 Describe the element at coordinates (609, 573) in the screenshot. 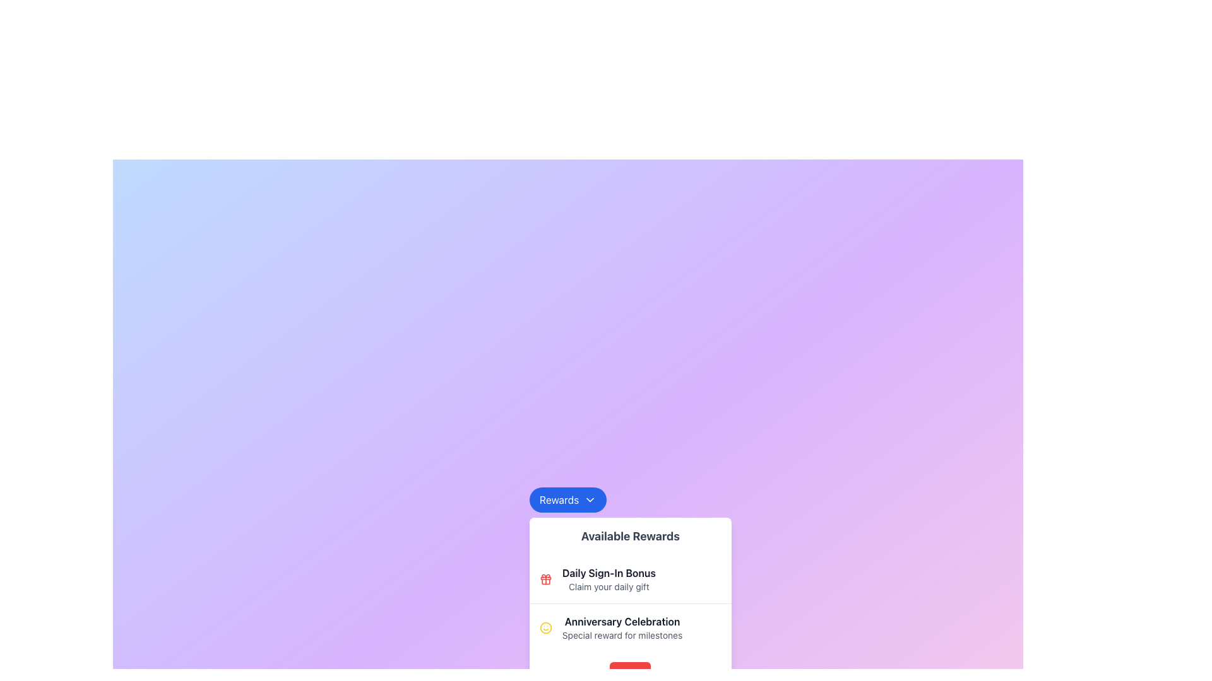

I see `text of the 'Daily Sign-In Bonus' label, which is styled in bold and black color, located in the rewards list interface as the title of the first reward entry` at that location.